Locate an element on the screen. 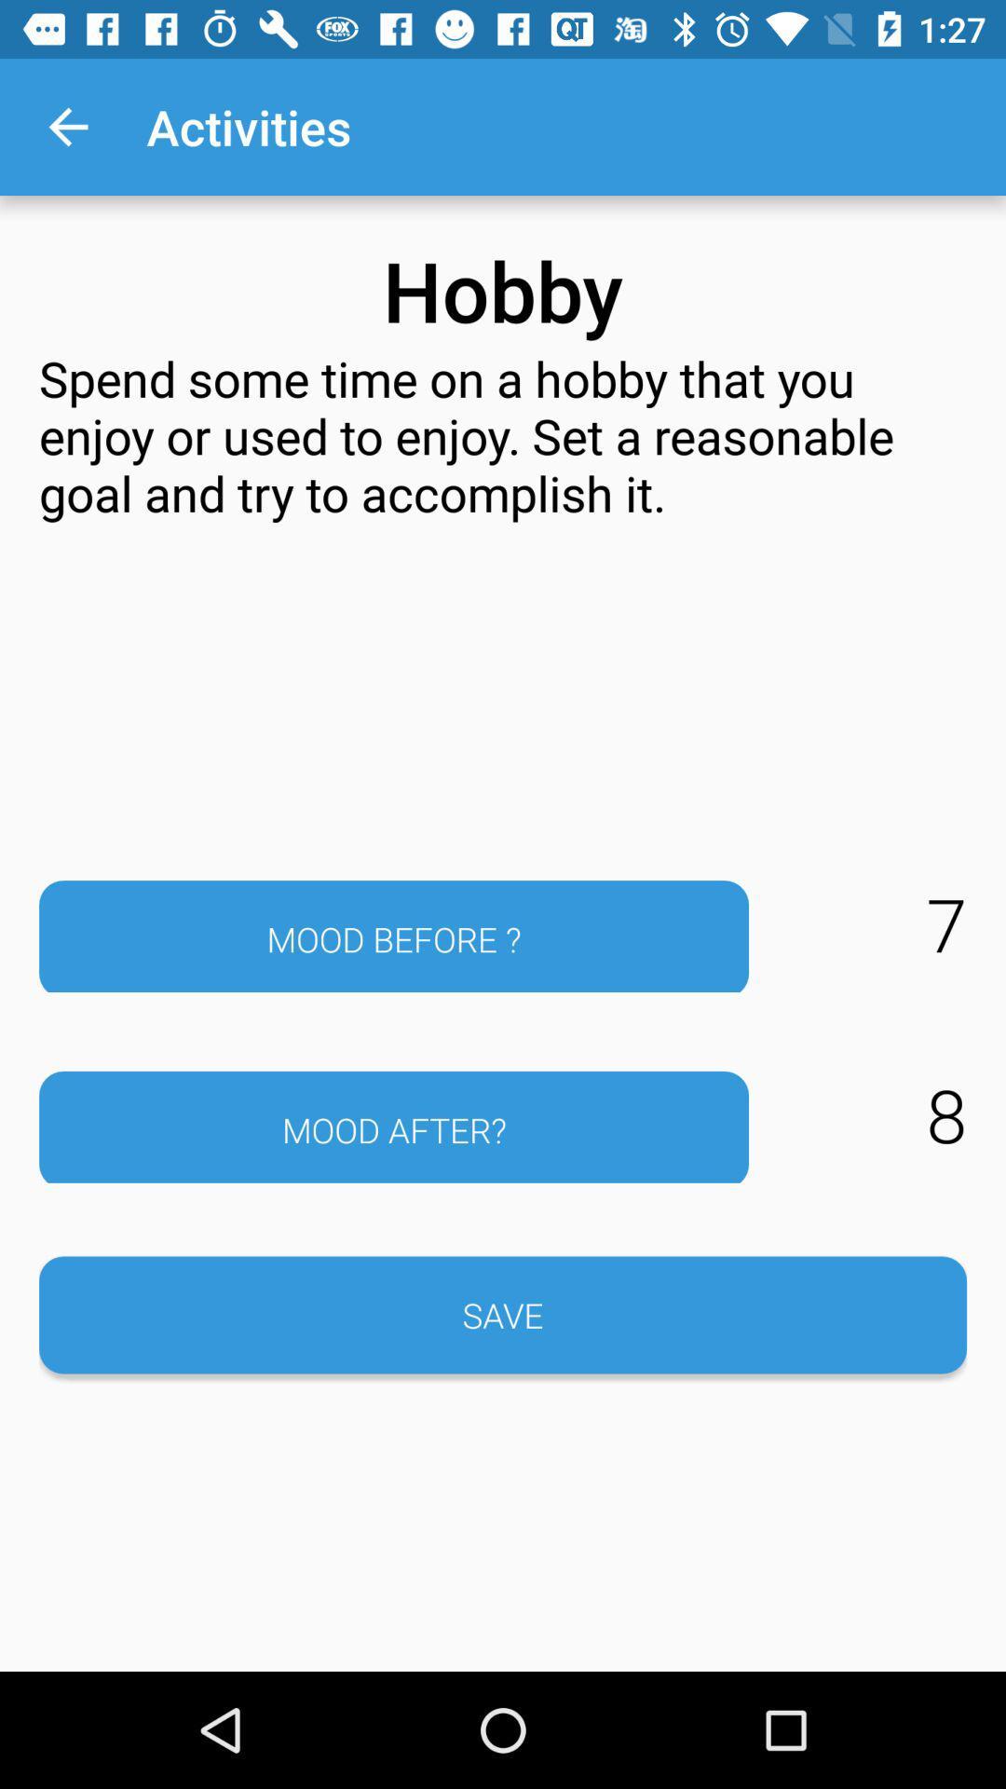 The width and height of the screenshot is (1006, 1789). the save item is located at coordinates (503, 1314).